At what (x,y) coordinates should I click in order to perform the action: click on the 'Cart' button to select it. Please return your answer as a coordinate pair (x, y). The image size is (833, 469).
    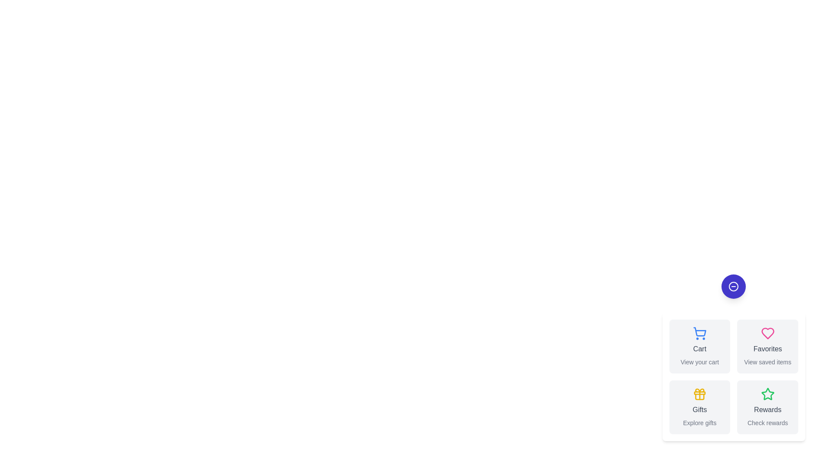
    Looking at the image, I should click on (699, 346).